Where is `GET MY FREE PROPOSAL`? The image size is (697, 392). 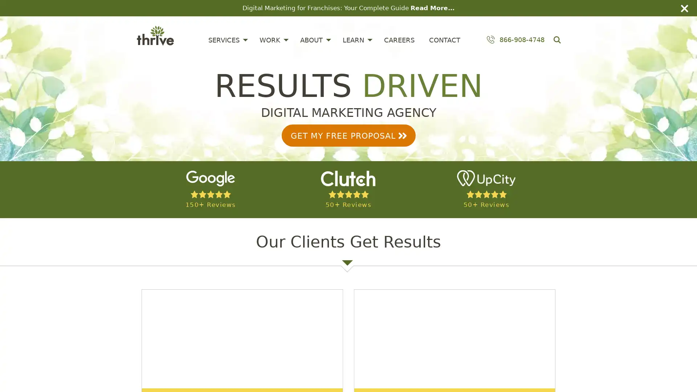 GET MY FREE PROPOSAL is located at coordinates (348, 135).